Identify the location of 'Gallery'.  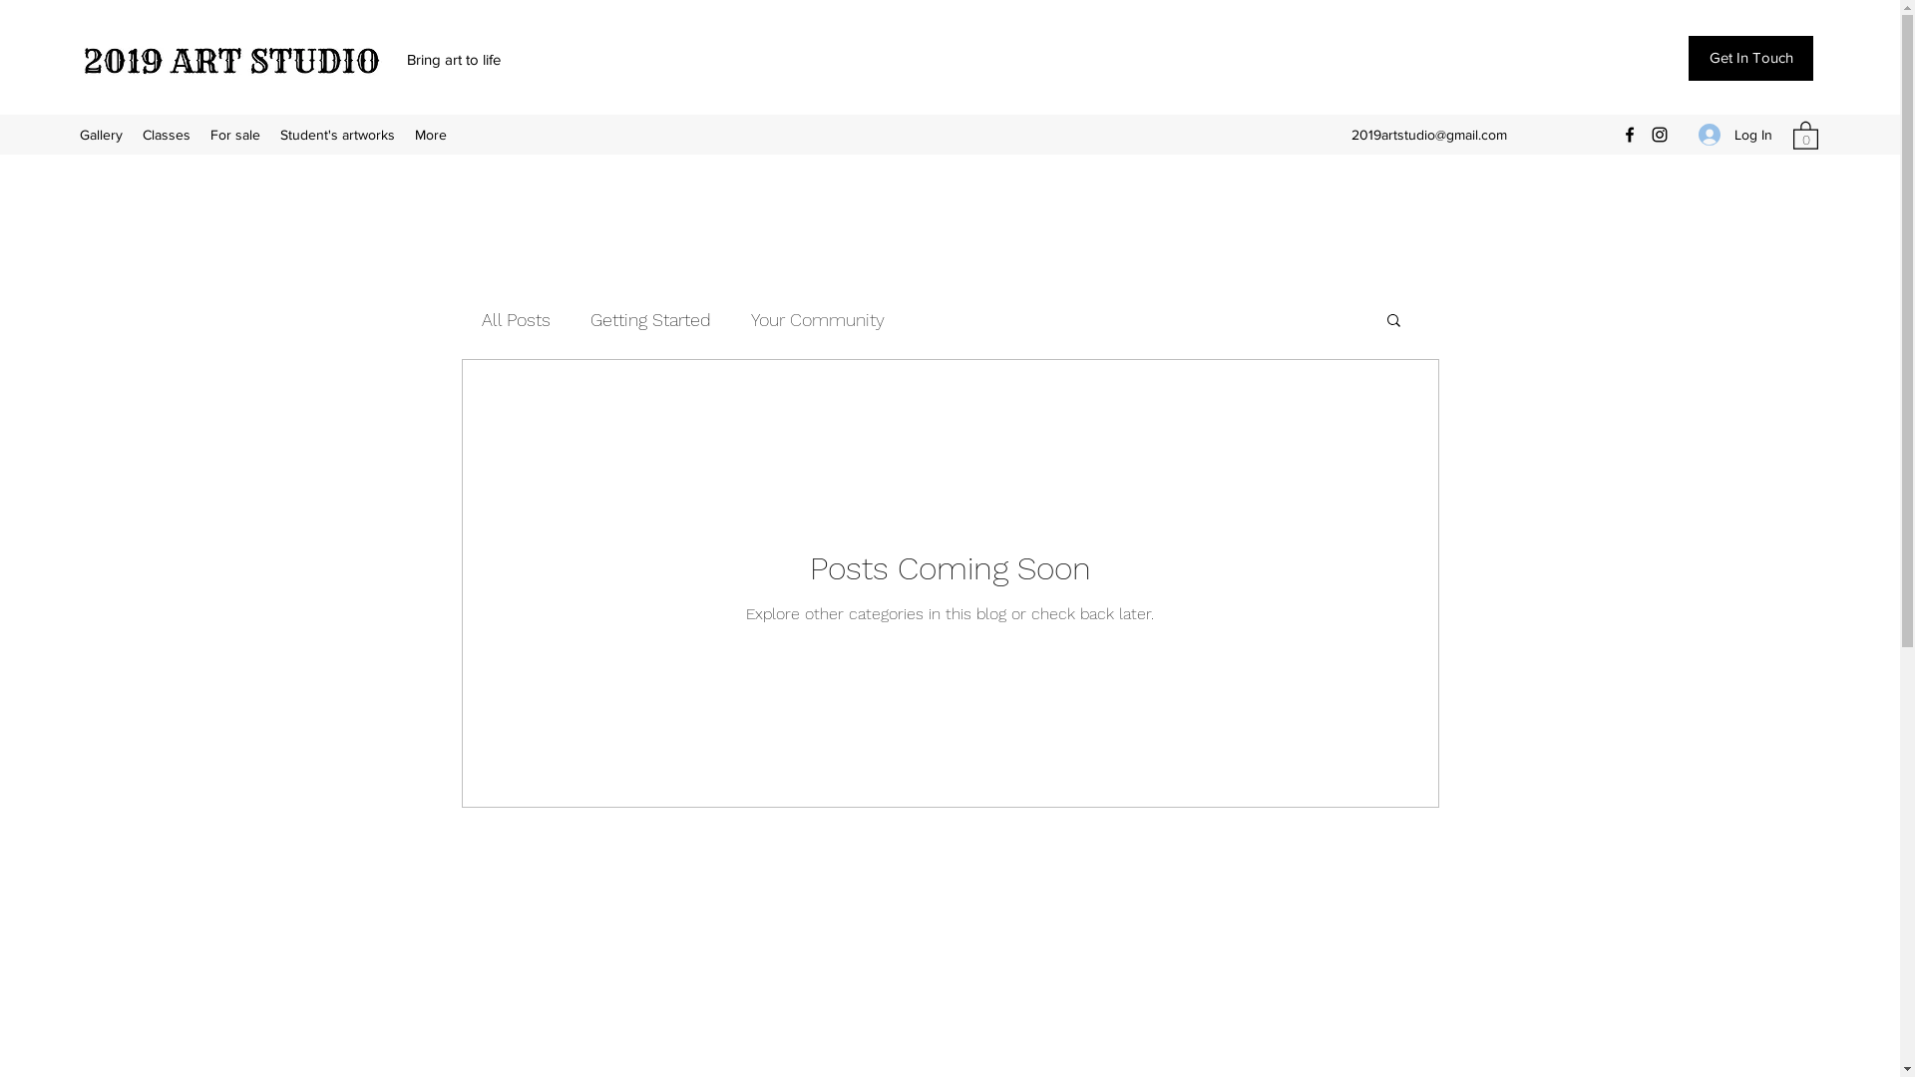
(100, 135).